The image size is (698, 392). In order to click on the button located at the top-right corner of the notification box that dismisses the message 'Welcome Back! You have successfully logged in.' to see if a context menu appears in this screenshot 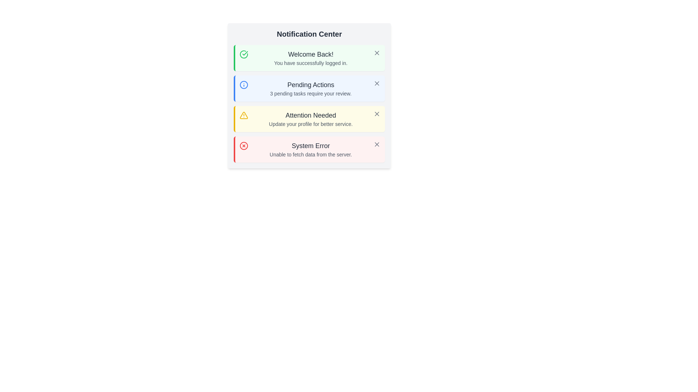, I will do `click(377, 53)`.